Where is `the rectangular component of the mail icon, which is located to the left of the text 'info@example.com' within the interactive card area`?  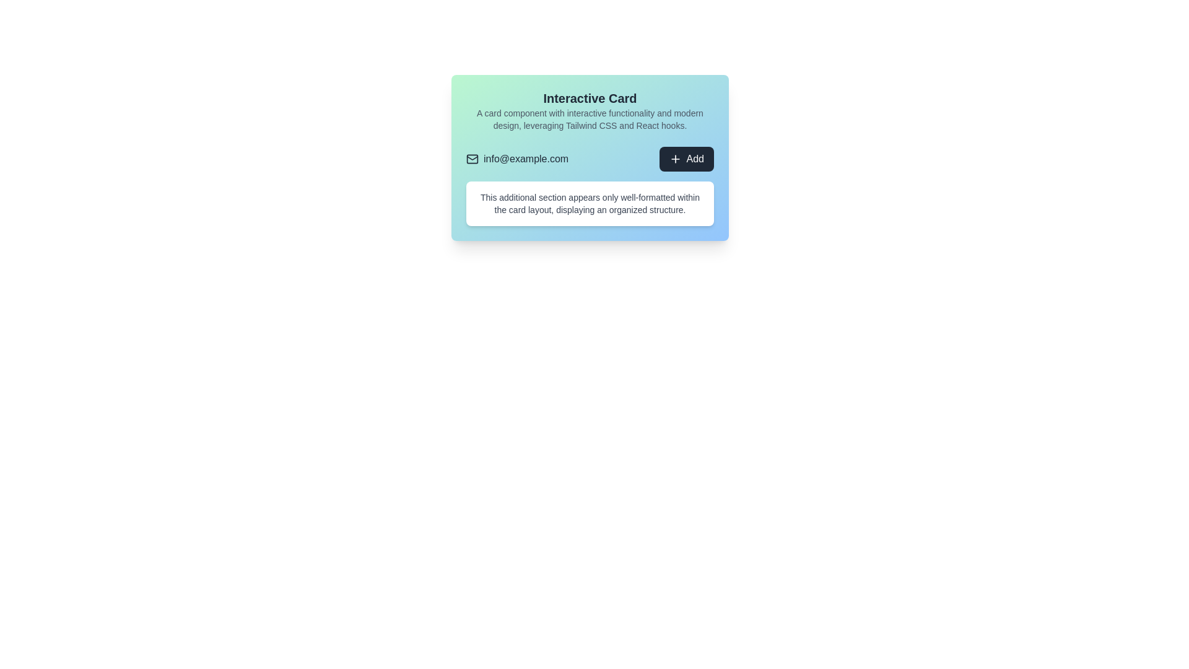
the rectangular component of the mail icon, which is located to the left of the text 'info@example.com' within the interactive card area is located at coordinates (472, 157).